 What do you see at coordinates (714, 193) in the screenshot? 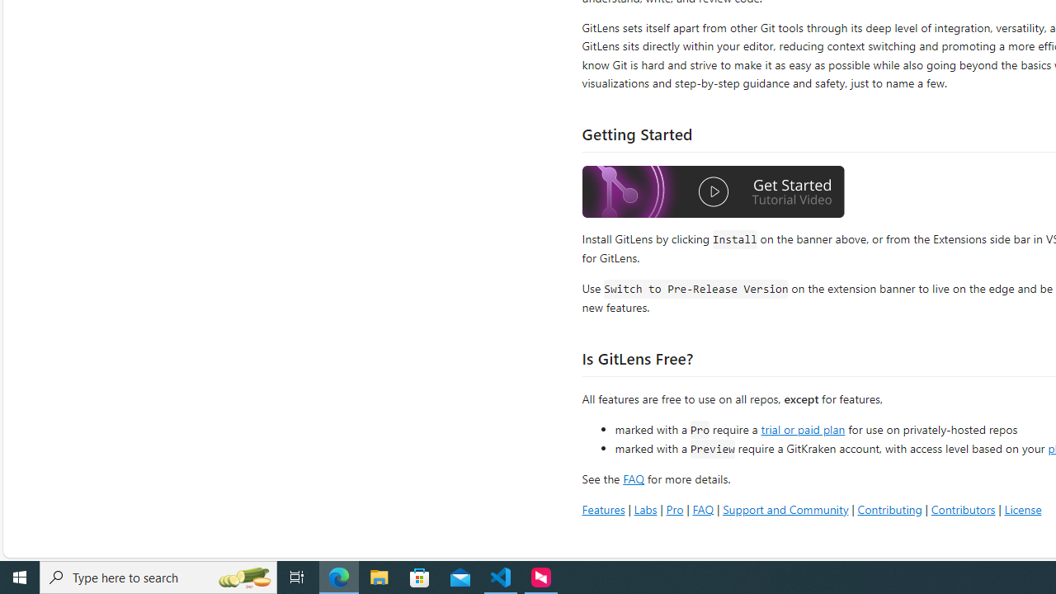
I see `'Watch the GitLens Getting Started video'` at bounding box center [714, 193].